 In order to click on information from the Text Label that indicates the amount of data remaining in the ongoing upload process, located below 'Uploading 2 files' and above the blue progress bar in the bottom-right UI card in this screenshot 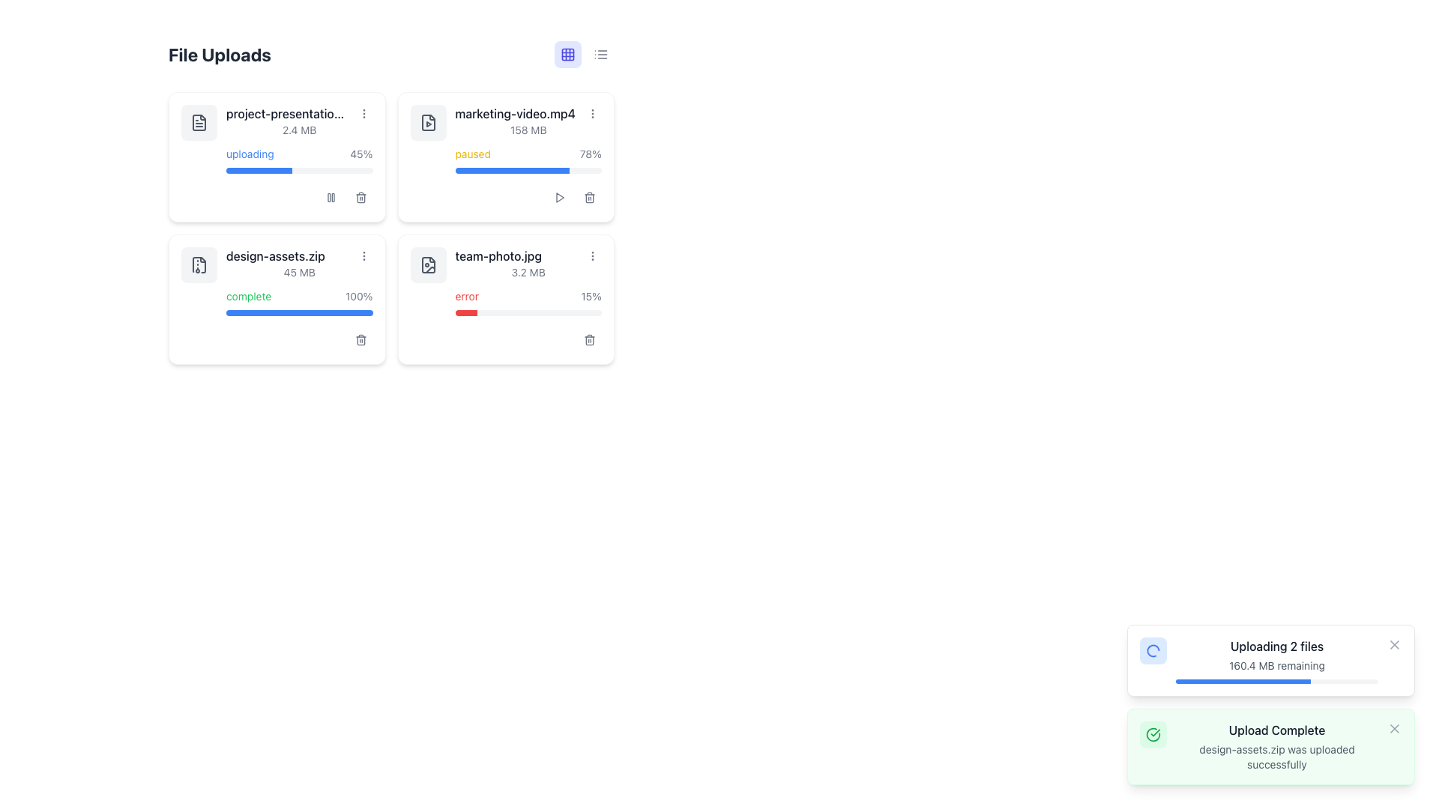, I will do `click(1276, 664)`.